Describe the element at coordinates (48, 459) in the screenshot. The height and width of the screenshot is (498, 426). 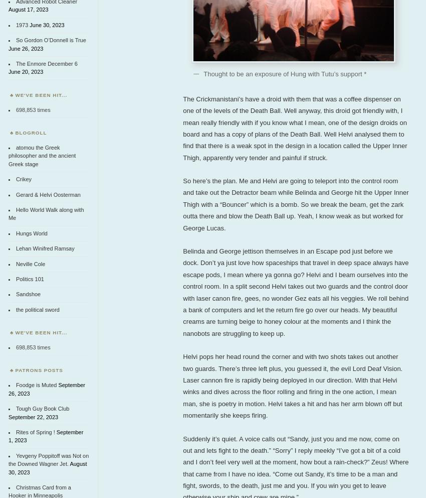
I see `'Yevgeny Poppitoff was Not on the Downed Wagner Jet.'` at that location.